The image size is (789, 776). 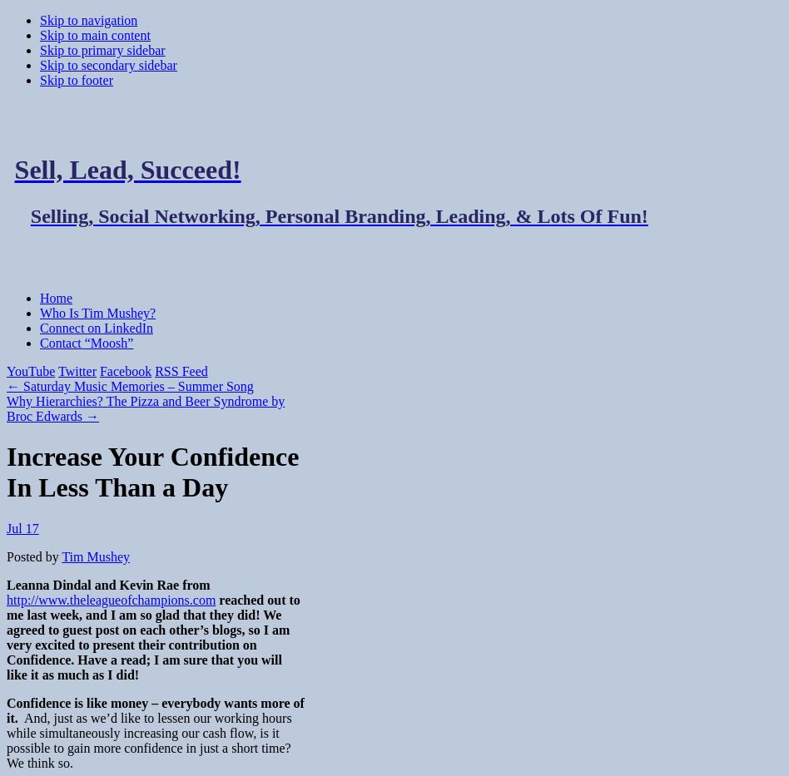 I want to click on 'http://www.theleagueofchampions.com', so click(x=110, y=599).